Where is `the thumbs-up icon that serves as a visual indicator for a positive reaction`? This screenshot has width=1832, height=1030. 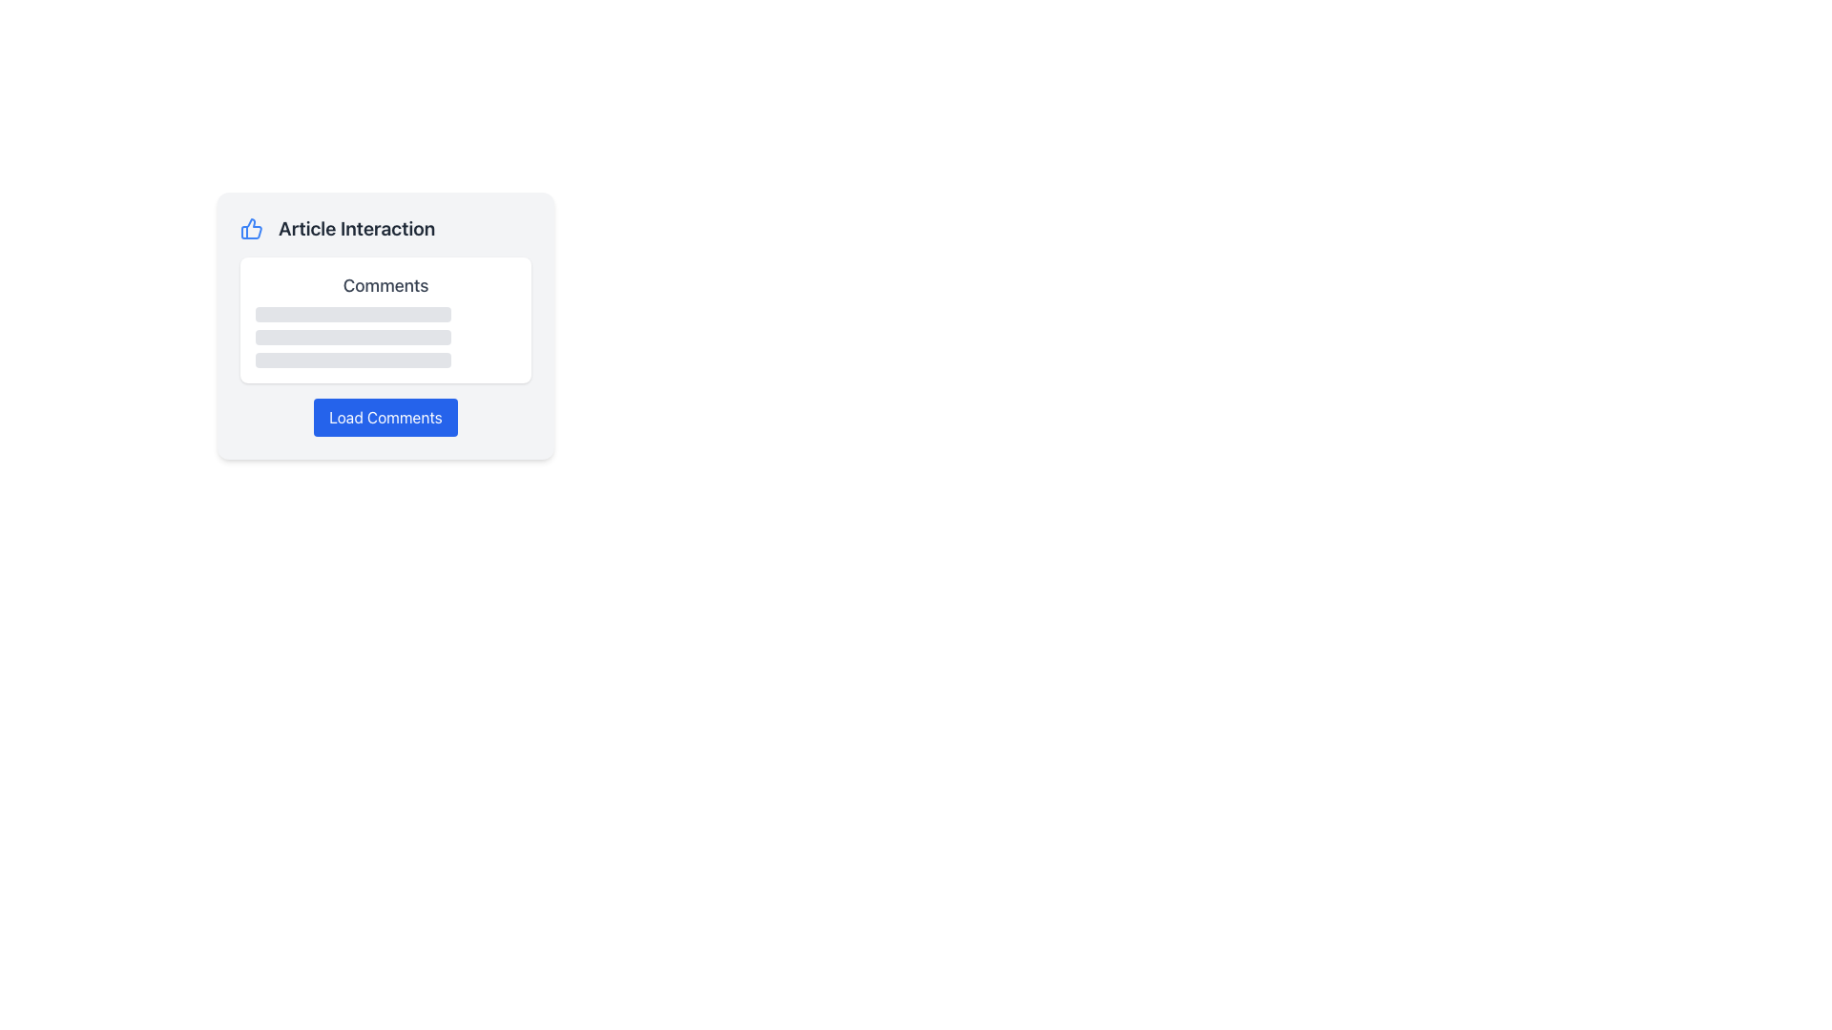 the thumbs-up icon that serves as a visual indicator for a positive reaction is located at coordinates (251, 227).